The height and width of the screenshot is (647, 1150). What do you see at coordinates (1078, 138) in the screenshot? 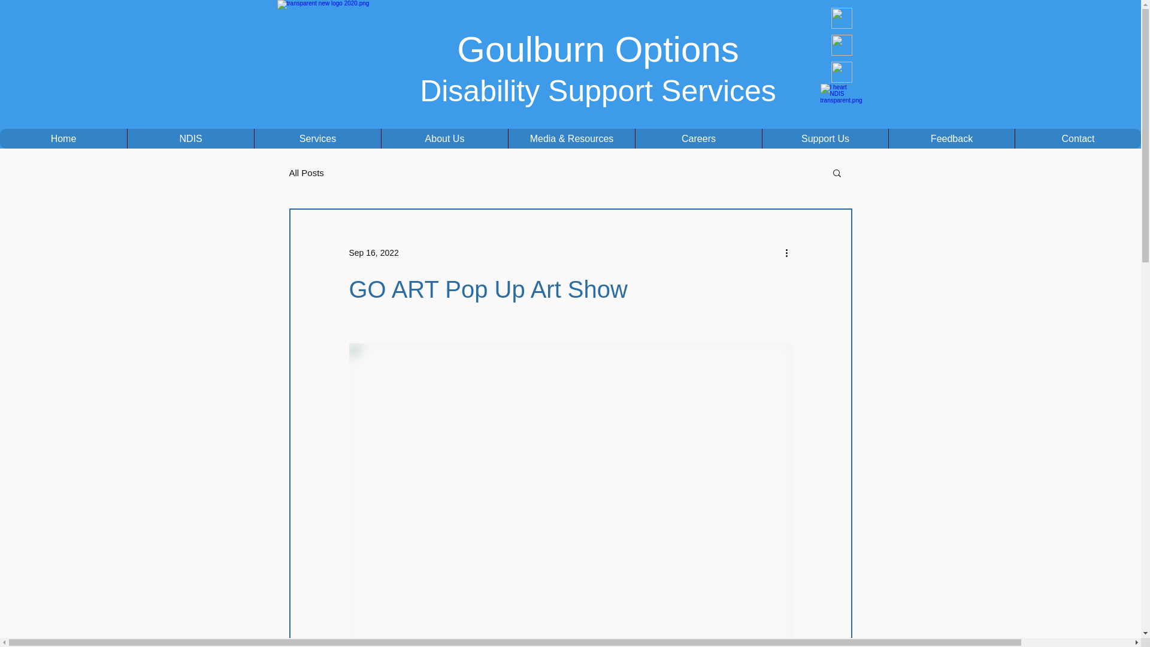
I see `'Contact'` at bounding box center [1078, 138].